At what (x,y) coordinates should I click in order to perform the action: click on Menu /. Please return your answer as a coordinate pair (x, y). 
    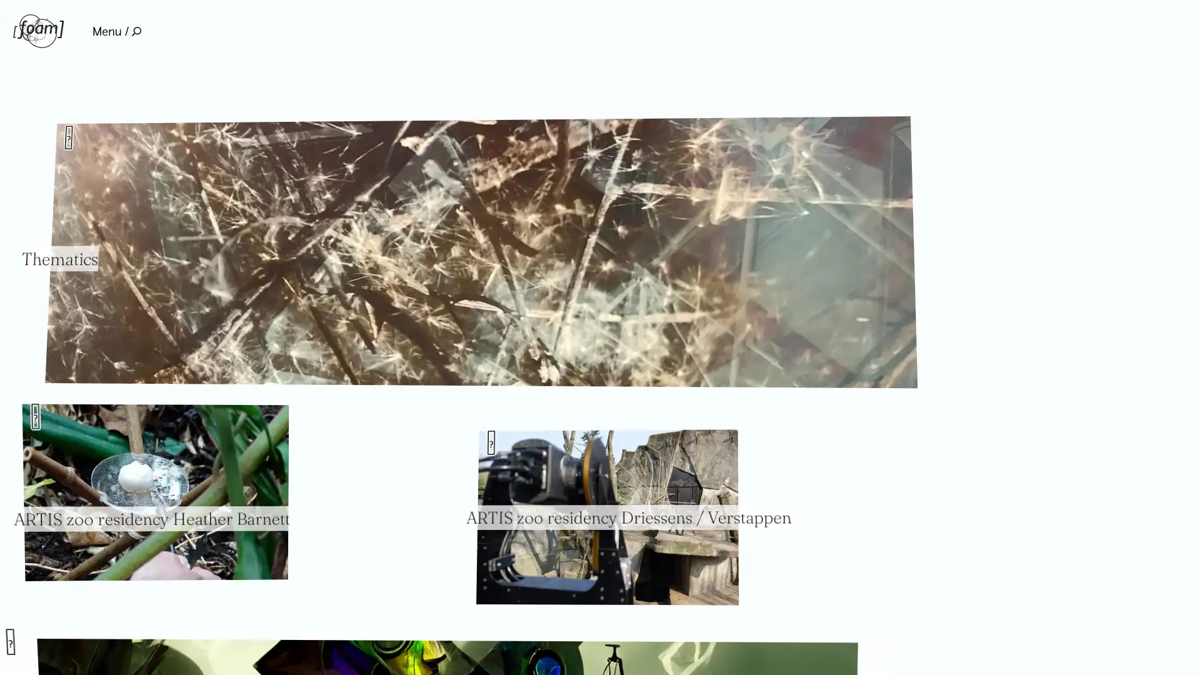
    Looking at the image, I should click on (116, 31).